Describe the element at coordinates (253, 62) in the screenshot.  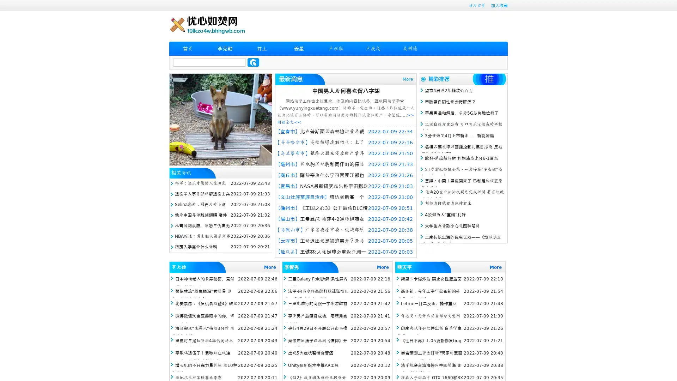
I see `Search` at that location.